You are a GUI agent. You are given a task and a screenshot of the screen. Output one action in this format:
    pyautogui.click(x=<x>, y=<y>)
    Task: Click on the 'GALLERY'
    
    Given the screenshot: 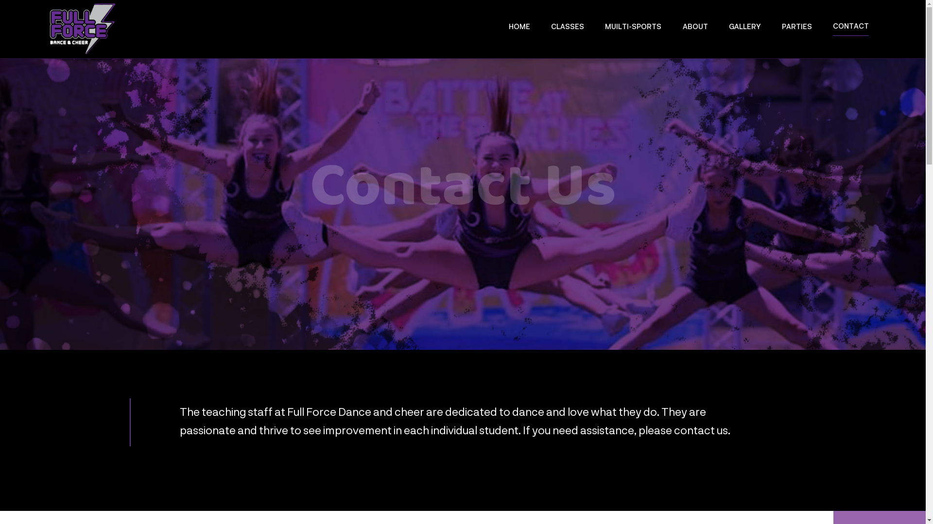 What is the action you would take?
    pyautogui.click(x=728, y=29)
    